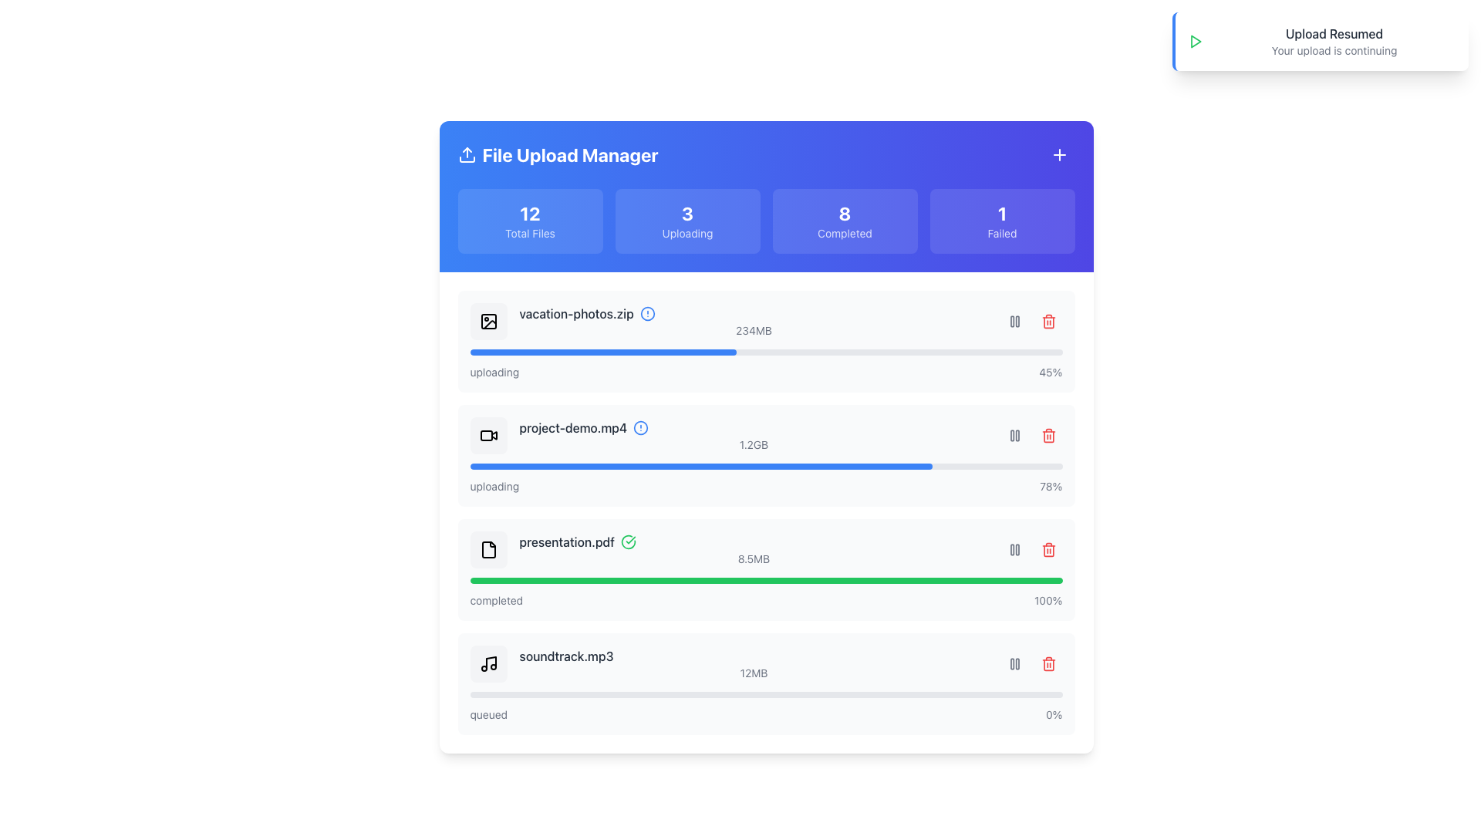 Image resolution: width=1481 pixels, height=833 pixels. What do you see at coordinates (487, 714) in the screenshot?
I see `the non-interactive text label indicating the status of the file 'soundtrack.mp3' as 'queued', located at the bottom-left of the content row before the text '0%'` at bounding box center [487, 714].